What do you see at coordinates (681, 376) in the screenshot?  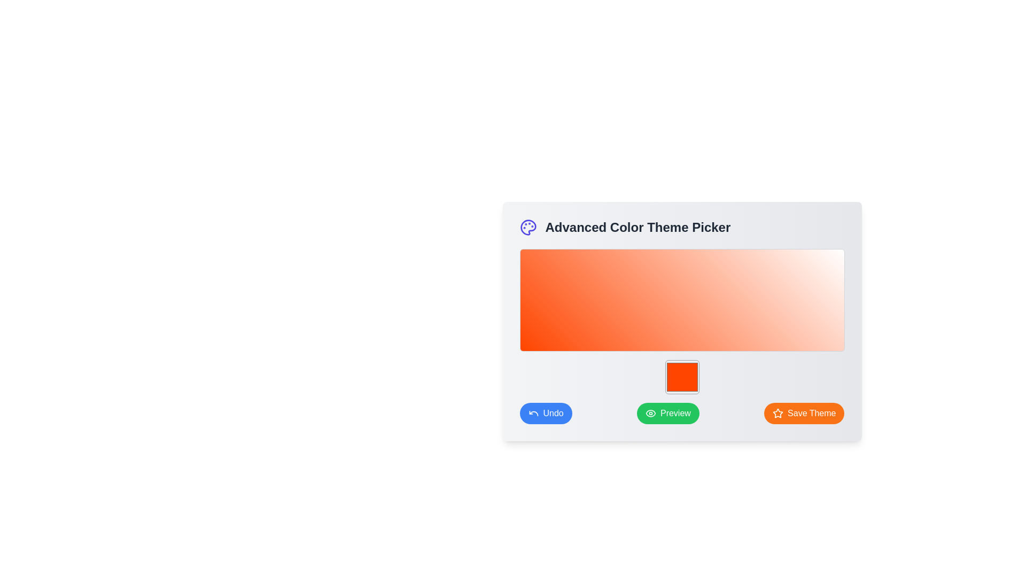 I see `to activate the color picker located directly below the gradient preview rectangle and above the buttons labeled 'Undo,' 'Preview,' and 'Save Theme.'` at bounding box center [681, 376].